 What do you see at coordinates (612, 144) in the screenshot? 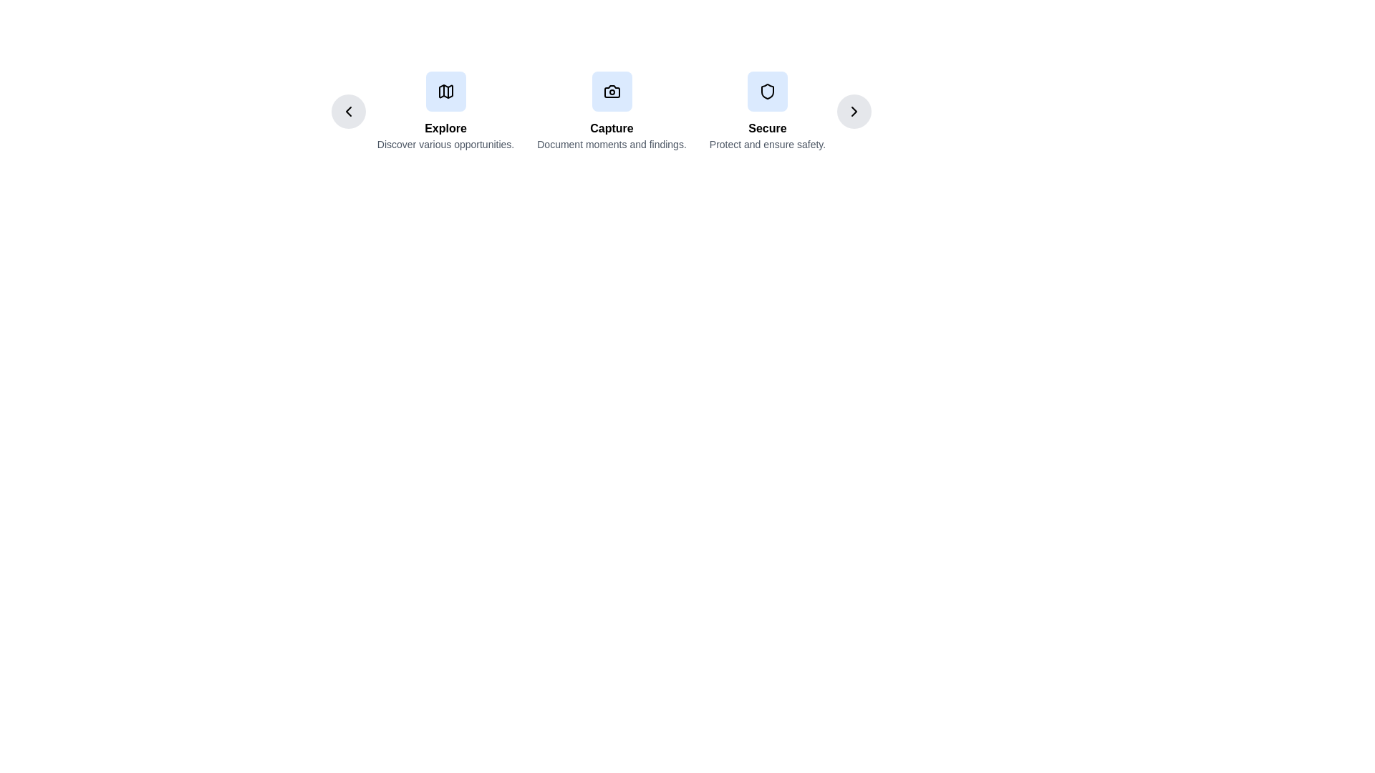
I see `descriptive text located at the bottom of the 'Capture' section, which provides guidance about the functionality represented by the 'Capture' title and camera icon` at bounding box center [612, 144].